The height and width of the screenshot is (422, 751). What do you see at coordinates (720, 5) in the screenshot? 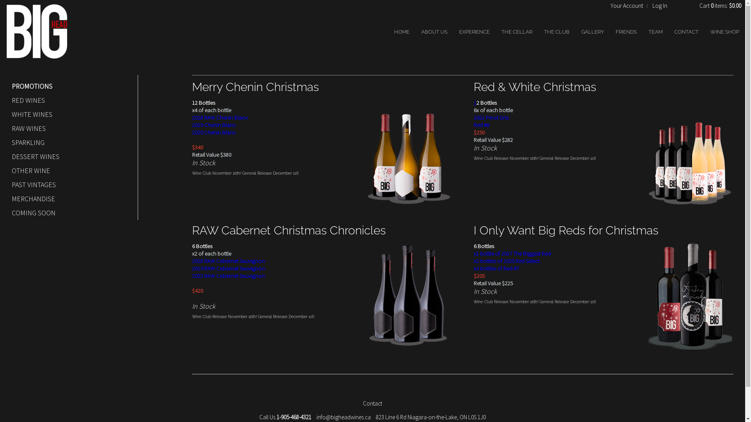
I see `'Cart 0 items: $0.00'` at bounding box center [720, 5].